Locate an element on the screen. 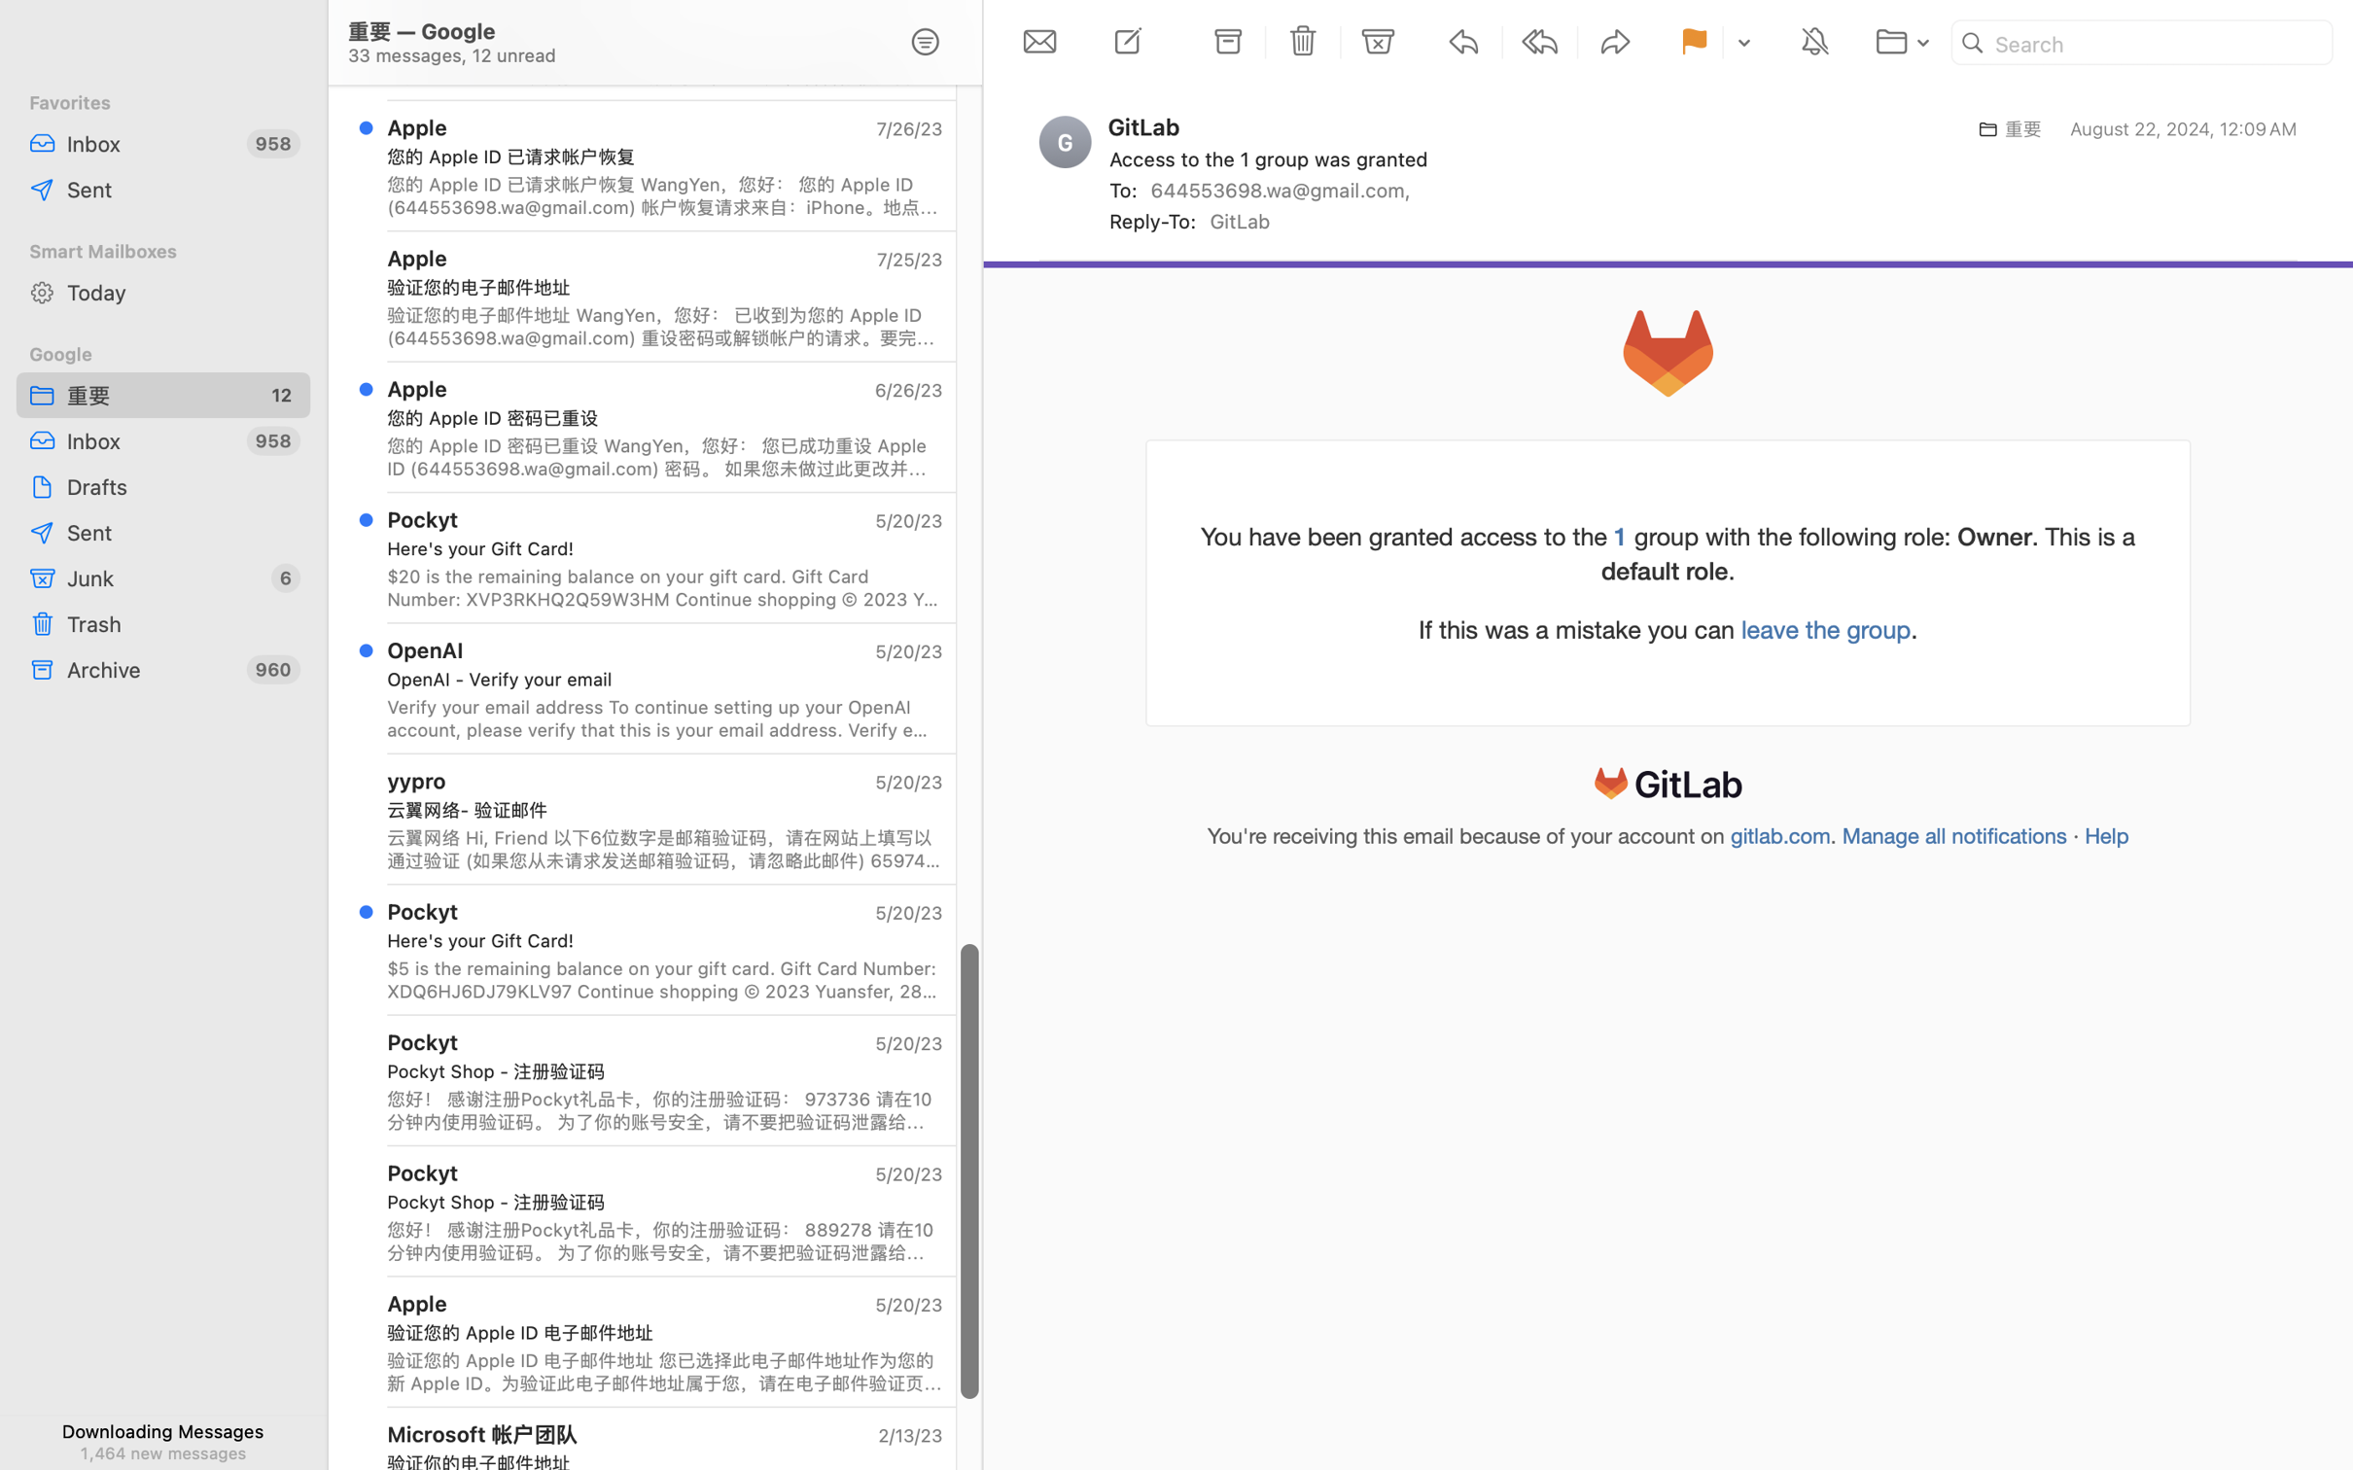 This screenshot has width=2353, height=1470. 'Owner' is located at coordinates (1993, 534).